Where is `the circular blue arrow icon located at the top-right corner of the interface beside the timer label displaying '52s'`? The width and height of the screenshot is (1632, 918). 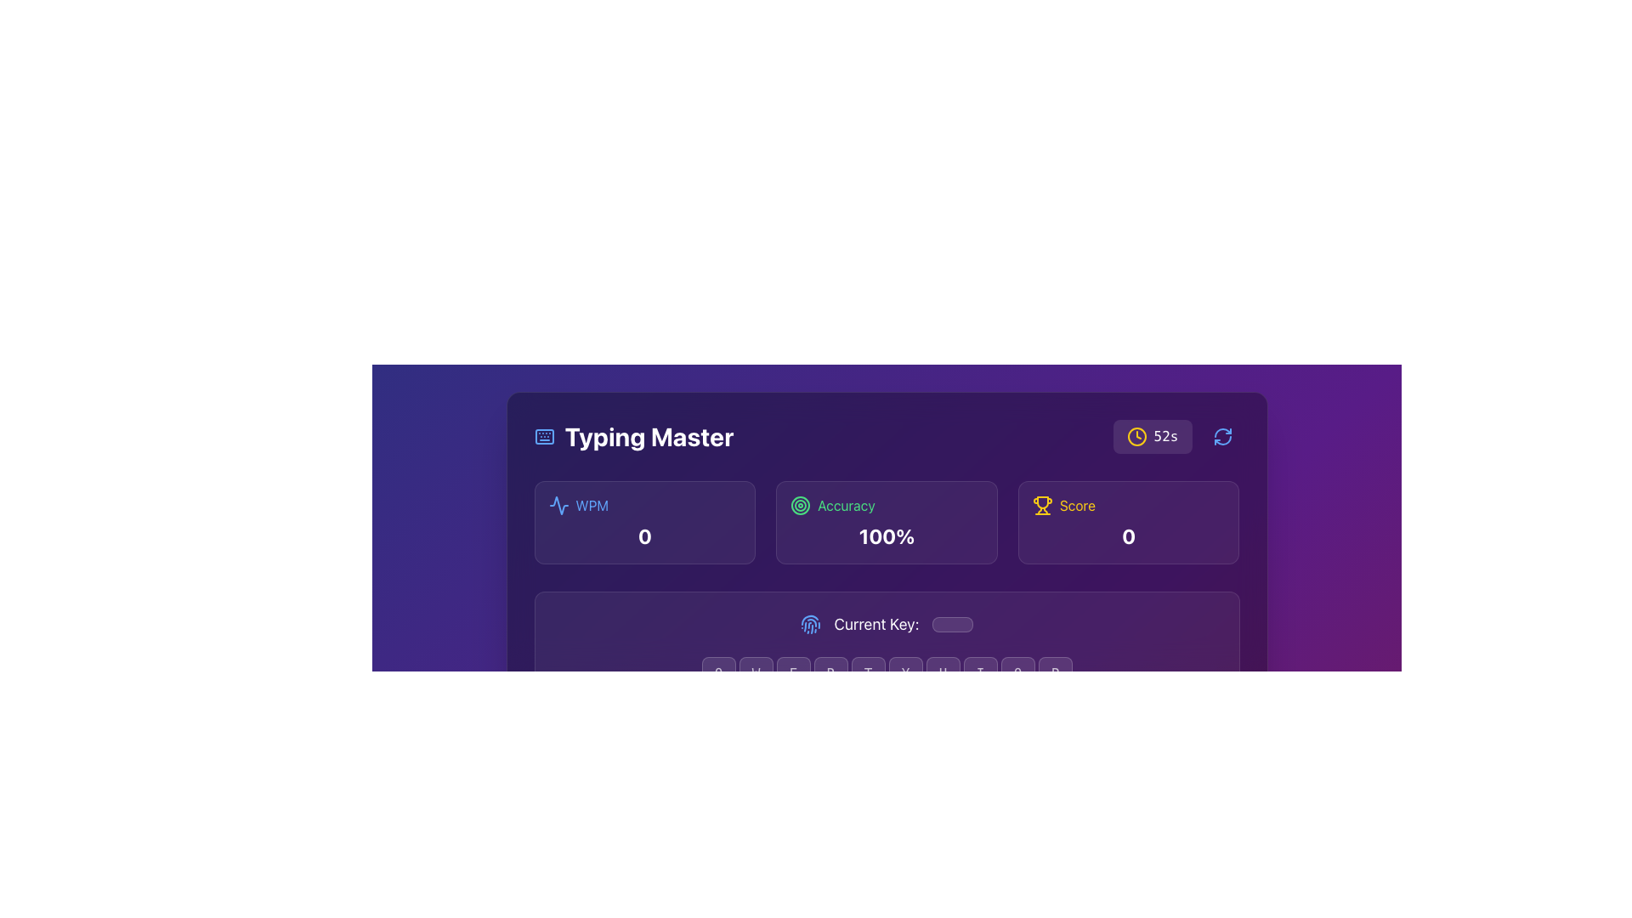
the circular blue arrow icon located at the top-right corner of the interface beside the timer label displaying '52s' is located at coordinates (1221, 435).